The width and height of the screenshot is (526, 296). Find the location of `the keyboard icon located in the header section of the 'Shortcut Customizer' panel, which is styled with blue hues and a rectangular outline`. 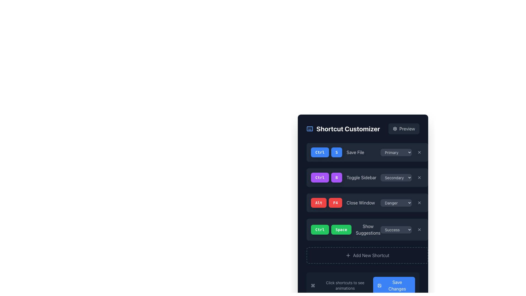

the keyboard icon located in the header section of the 'Shortcut Customizer' panel, which is styled with blue hues and a rectangular outline is located at coordinates (310, 129).